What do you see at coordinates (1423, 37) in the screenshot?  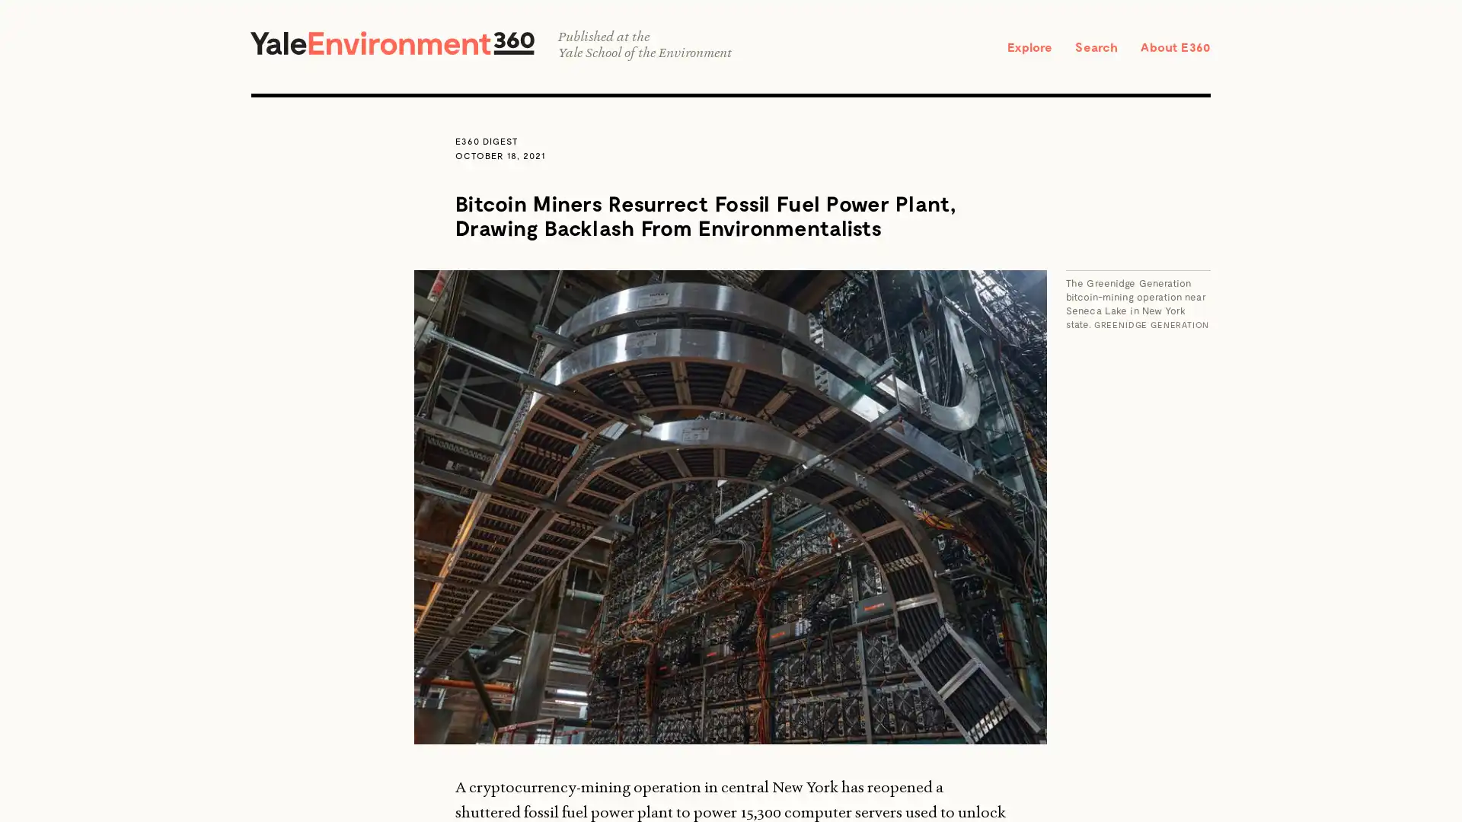 I see `CLOSE` at bounding box center [1423, 37].